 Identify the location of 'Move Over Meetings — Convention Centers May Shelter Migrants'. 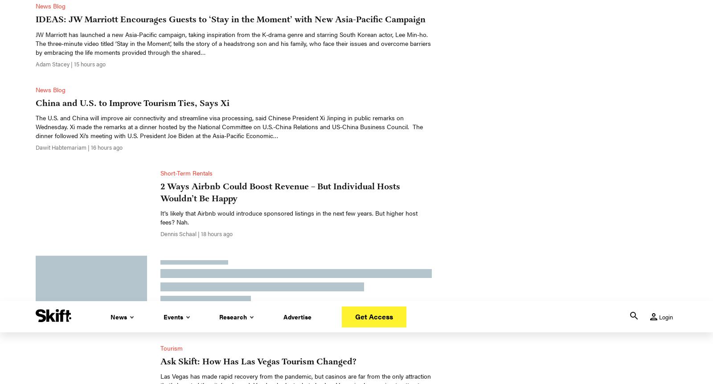
(160, 114).